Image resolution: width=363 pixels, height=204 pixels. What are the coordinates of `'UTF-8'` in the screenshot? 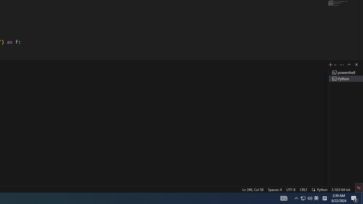 It's located at (291, 189).